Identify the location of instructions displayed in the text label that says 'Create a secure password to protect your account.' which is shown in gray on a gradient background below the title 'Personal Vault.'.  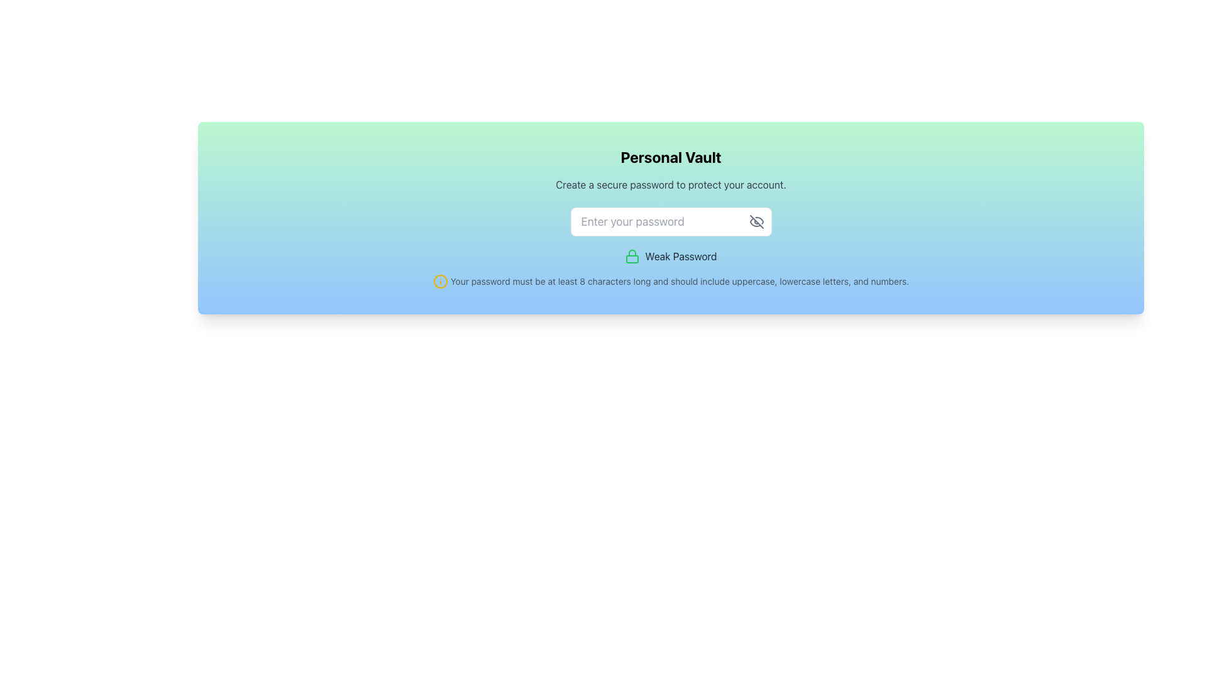
(670, 184).